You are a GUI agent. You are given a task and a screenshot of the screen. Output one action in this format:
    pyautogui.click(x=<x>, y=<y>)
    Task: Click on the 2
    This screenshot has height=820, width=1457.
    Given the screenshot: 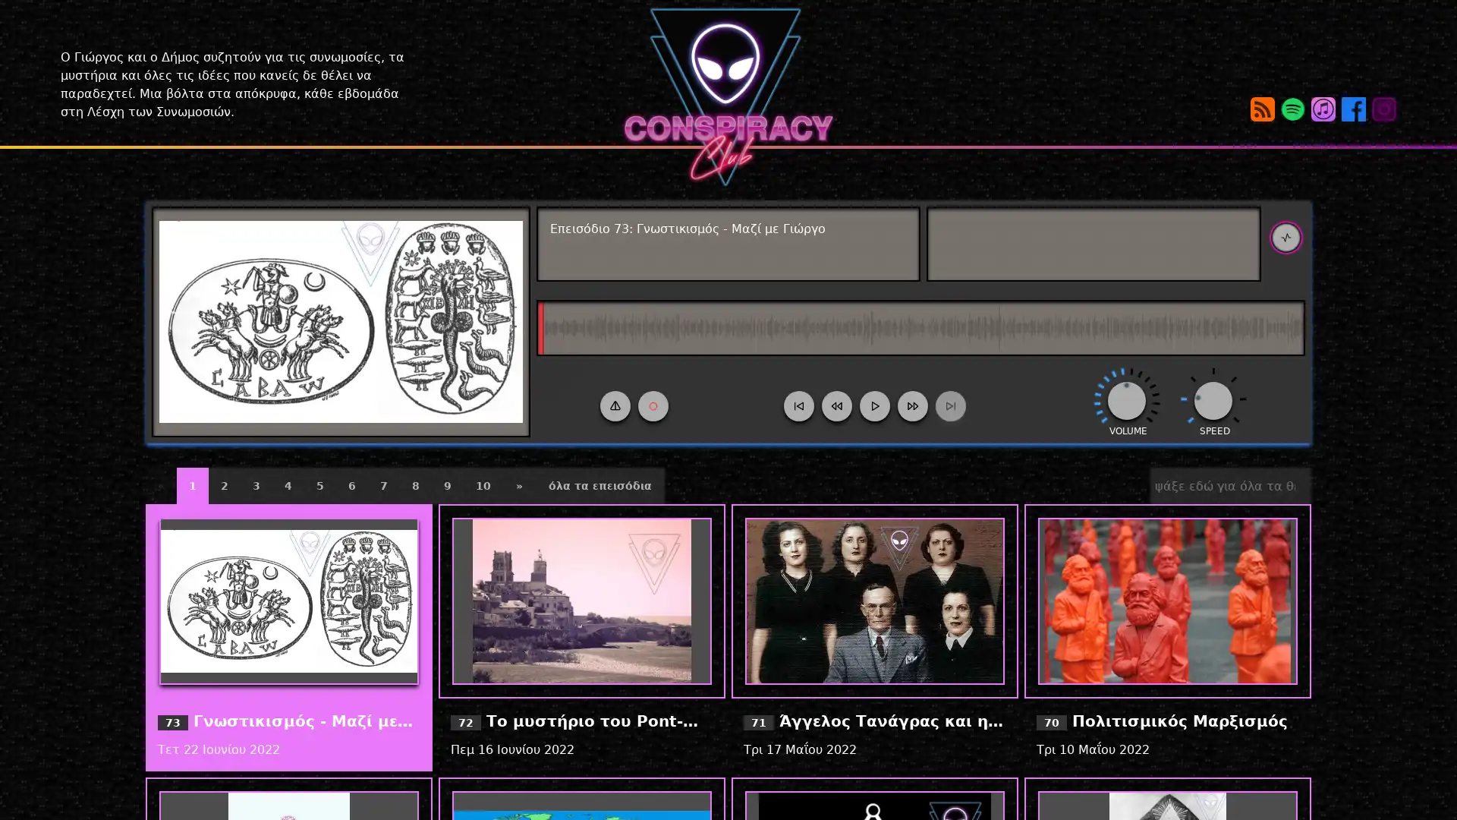 What is the action you would take?
    pyautogui.click(x=224, y=486)
    